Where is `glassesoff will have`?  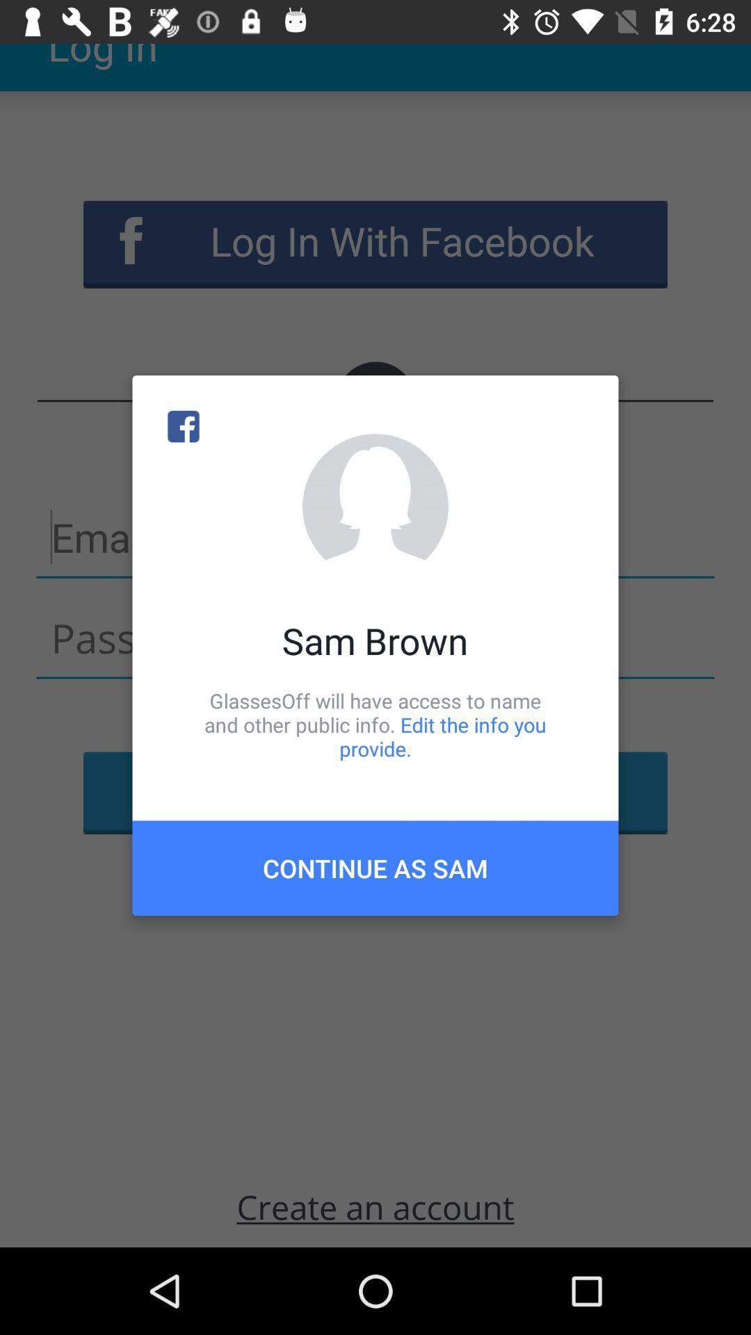 glassesoff will have is located at coordinates (375, 724).